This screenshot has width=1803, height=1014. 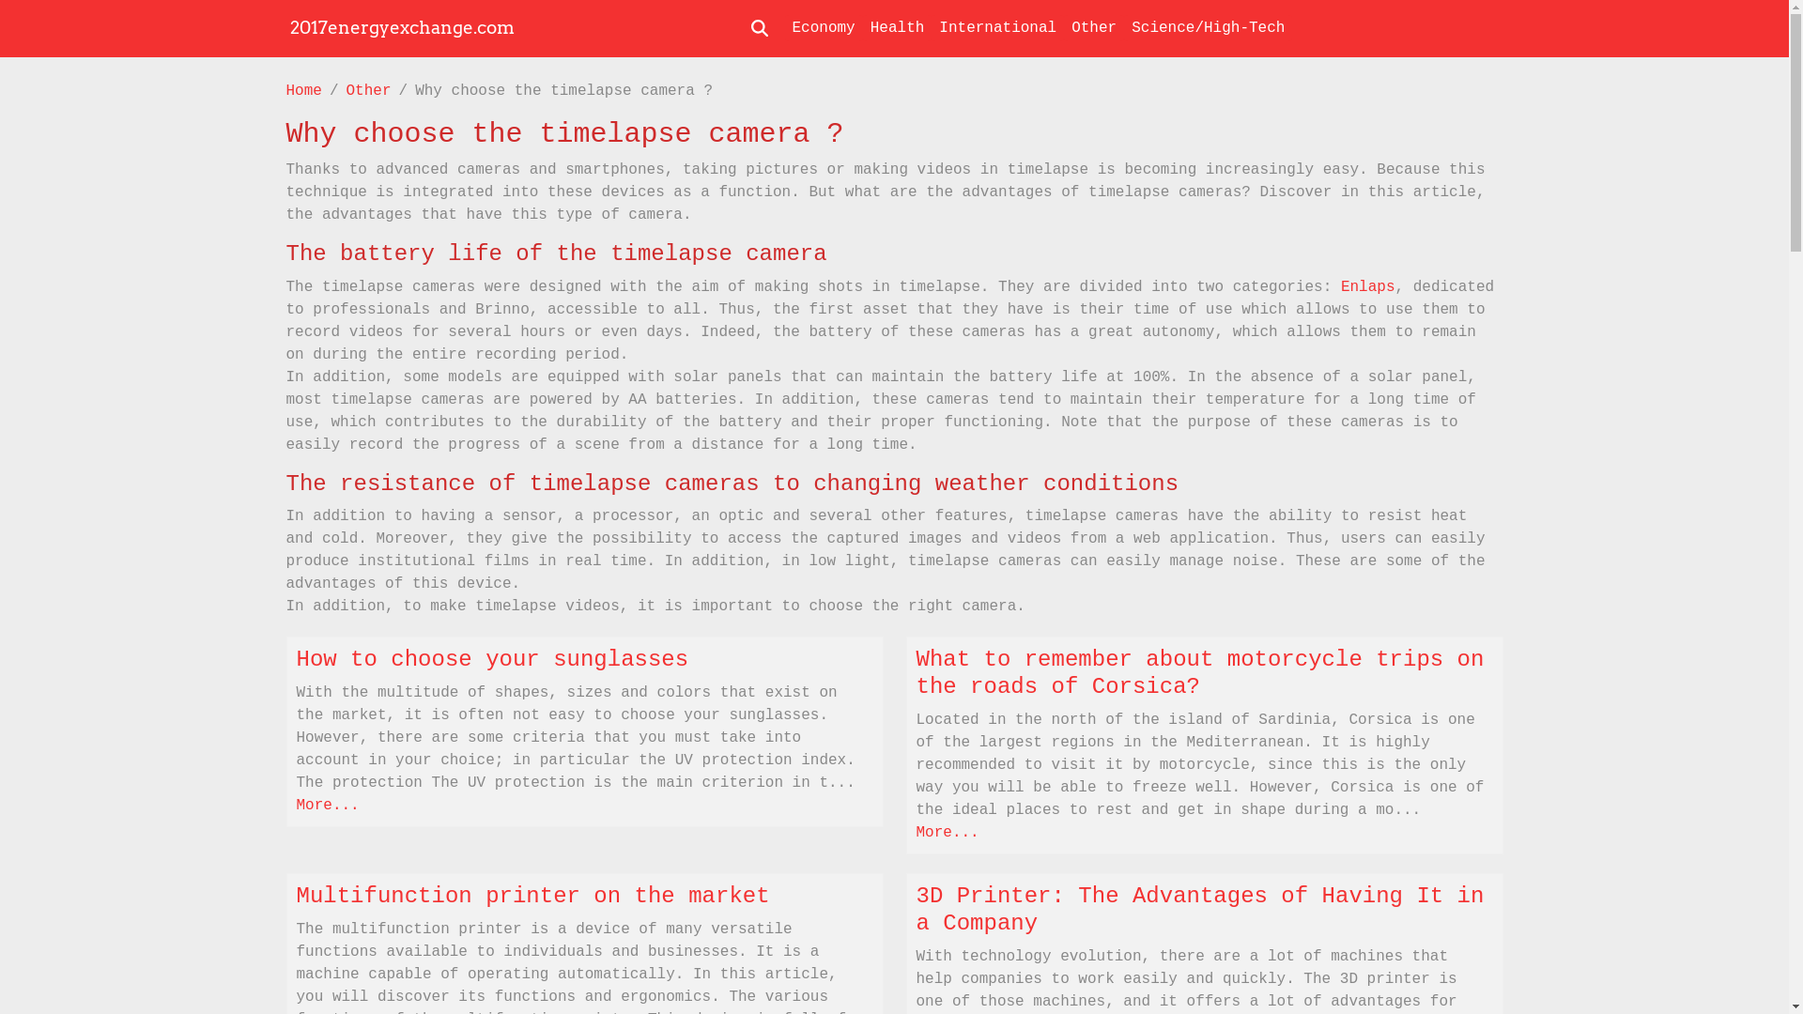 What do you see at coordinates (400, 27) in the screenshot?
I see `'2017energyexchange.com'` at bounding box center [400, 27].